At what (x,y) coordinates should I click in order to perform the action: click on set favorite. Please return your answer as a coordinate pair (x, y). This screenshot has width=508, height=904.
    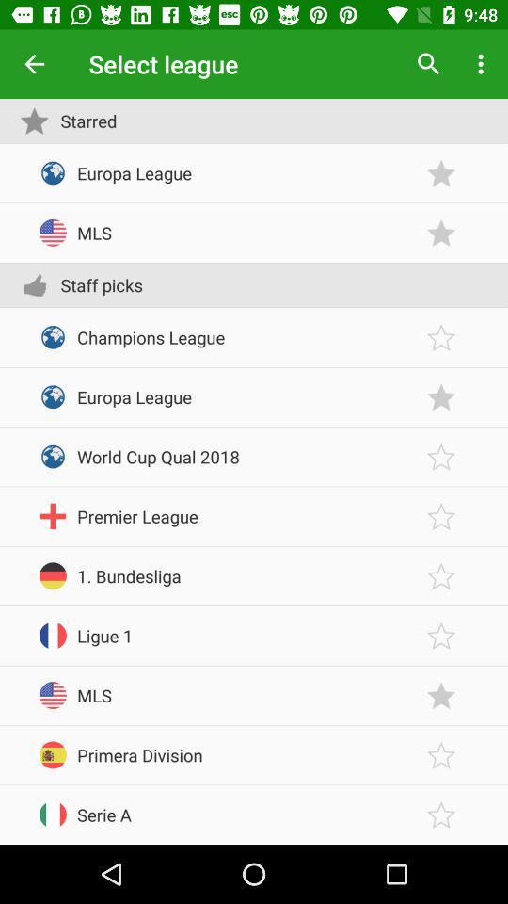
    Looking at the image, I should click on (441, 755).